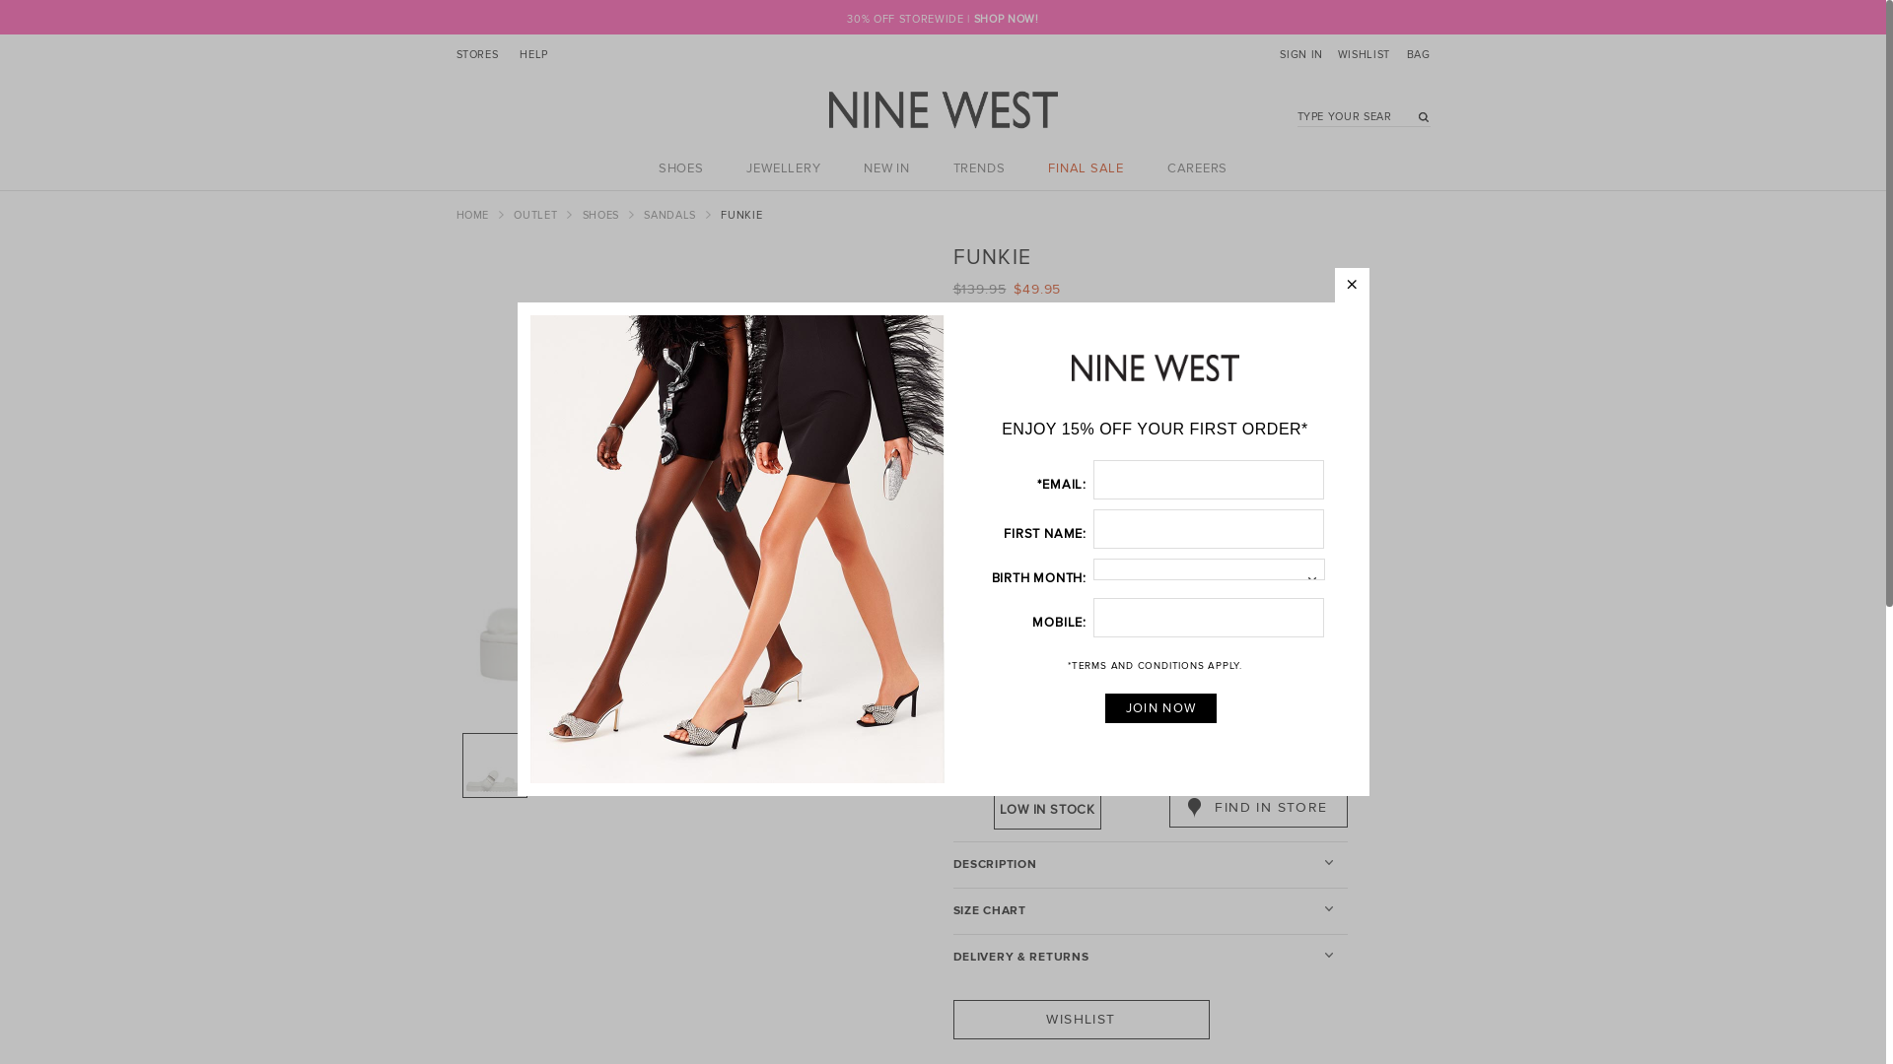 The height and width of the screenshot is (1064, 1893). I want to click on '11', so click(994, 555).